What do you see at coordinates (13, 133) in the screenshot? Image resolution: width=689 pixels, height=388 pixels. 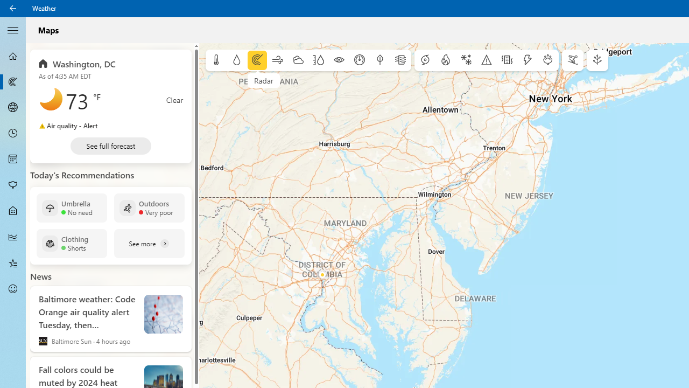 I see `'Hourly Forecast - Not Selected'` at bounding box center [13, 133].